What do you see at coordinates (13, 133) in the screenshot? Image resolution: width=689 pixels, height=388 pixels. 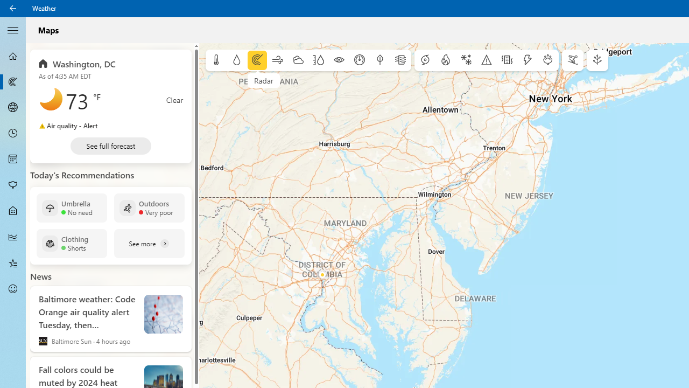 I see `'Hourly Forecast - Not Selected'` at bounding box center [13, 133].